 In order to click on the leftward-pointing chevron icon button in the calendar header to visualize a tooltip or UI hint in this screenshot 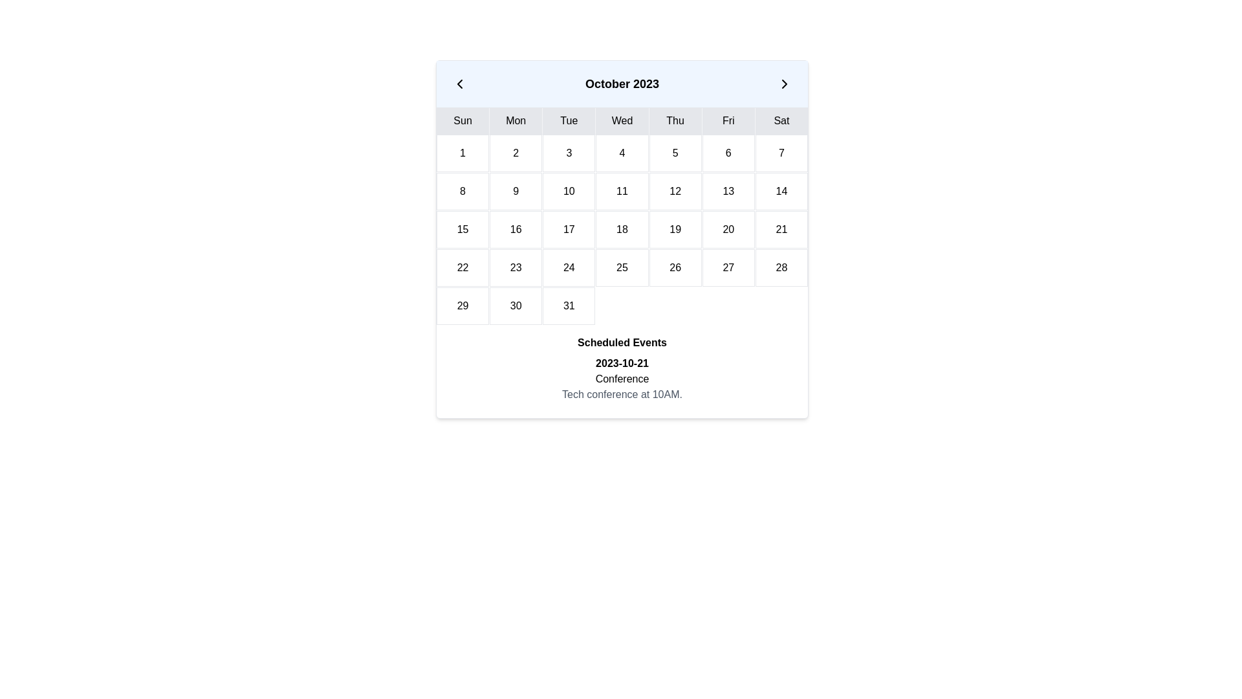, I will do `click(459, 84)`.